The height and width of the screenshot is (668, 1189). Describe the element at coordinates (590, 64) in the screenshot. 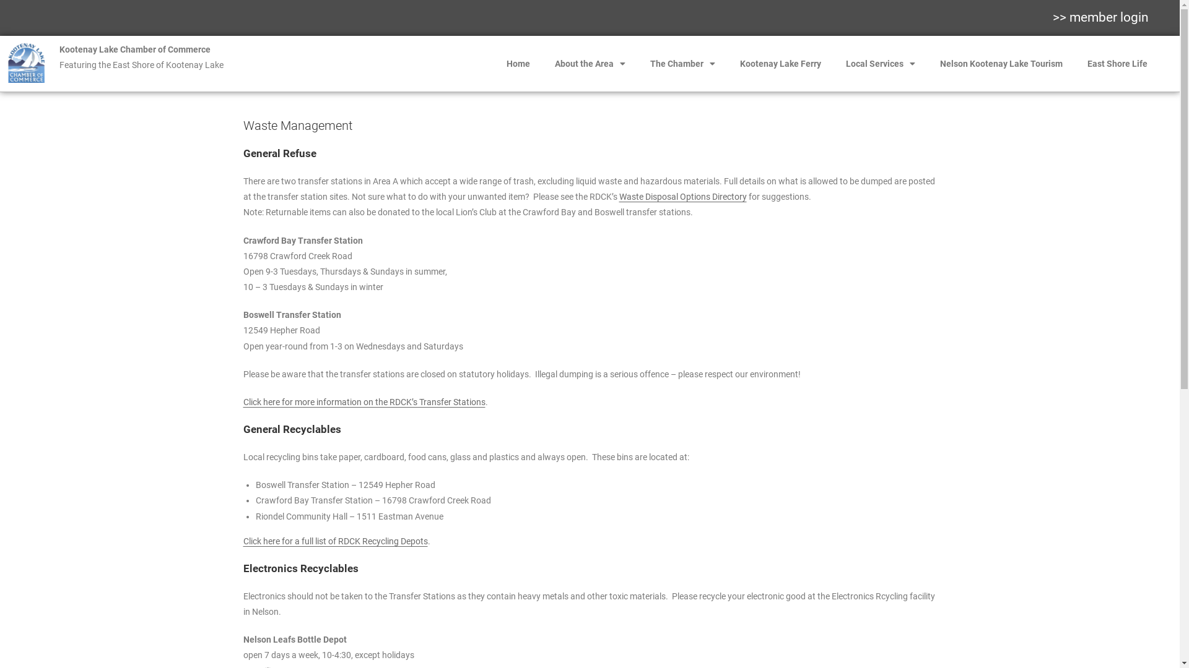

I see `'About the Area'` at that location.